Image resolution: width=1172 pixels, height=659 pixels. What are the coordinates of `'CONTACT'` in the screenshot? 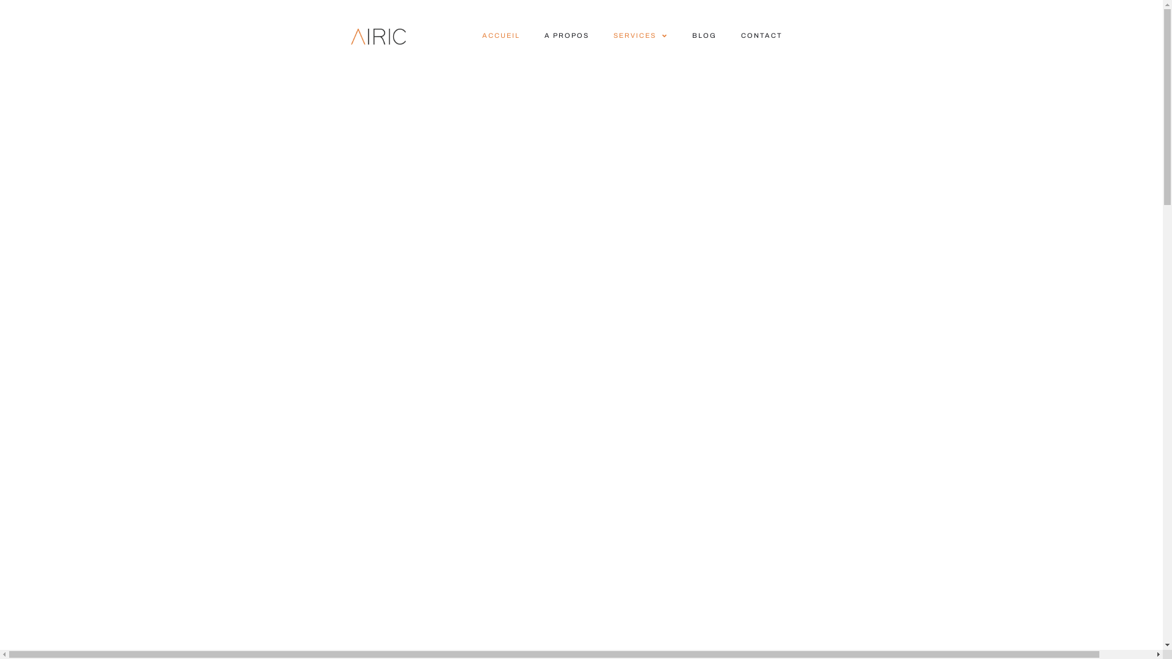 It's located at (761, 35).